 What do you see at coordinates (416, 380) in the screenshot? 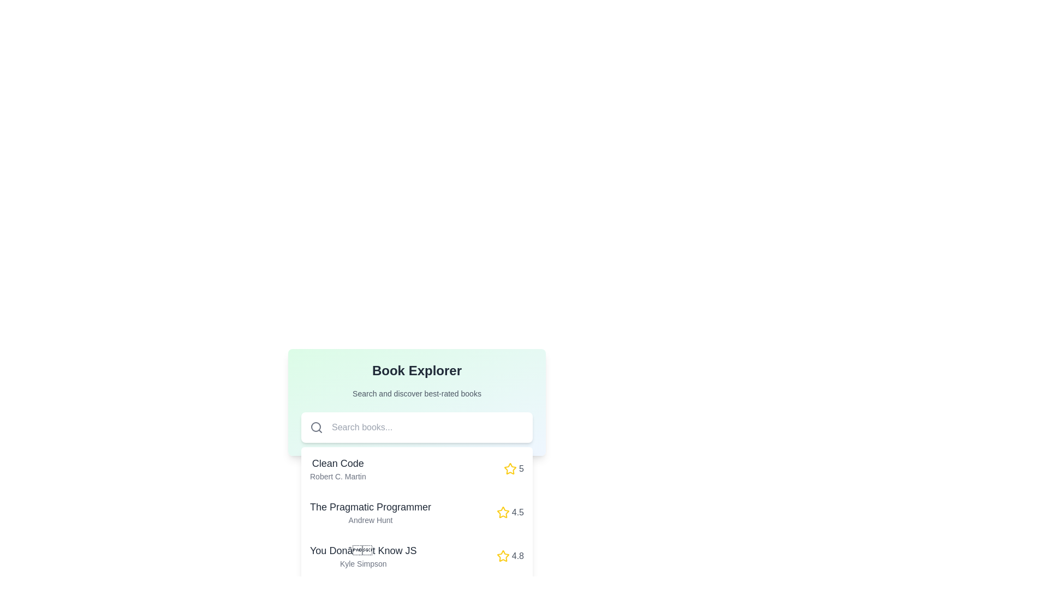
I see `the Section header titled 'Book Explorer' which features a bold title and a subtitle, located at the top center of the visible area` at bounding box center [416, 380].